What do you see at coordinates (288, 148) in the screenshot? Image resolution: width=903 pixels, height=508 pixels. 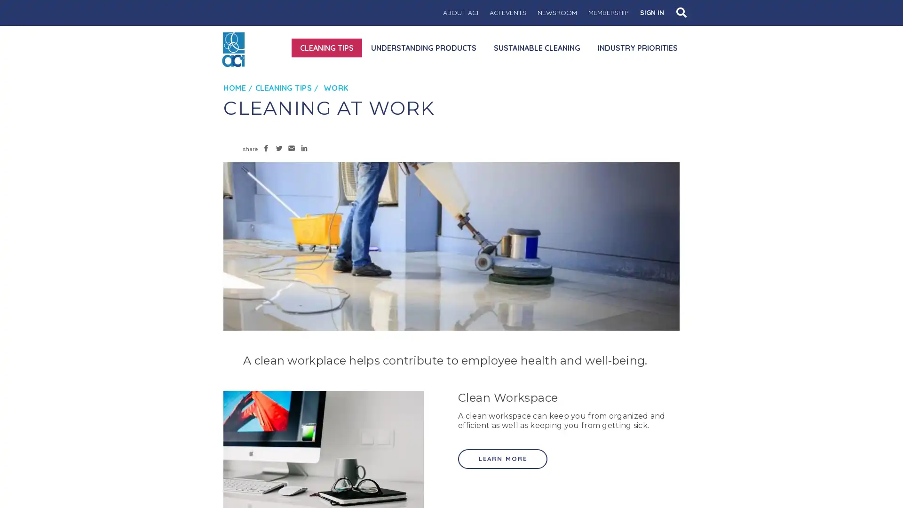 I see `Share to Email` at bounding box center [288, 148].